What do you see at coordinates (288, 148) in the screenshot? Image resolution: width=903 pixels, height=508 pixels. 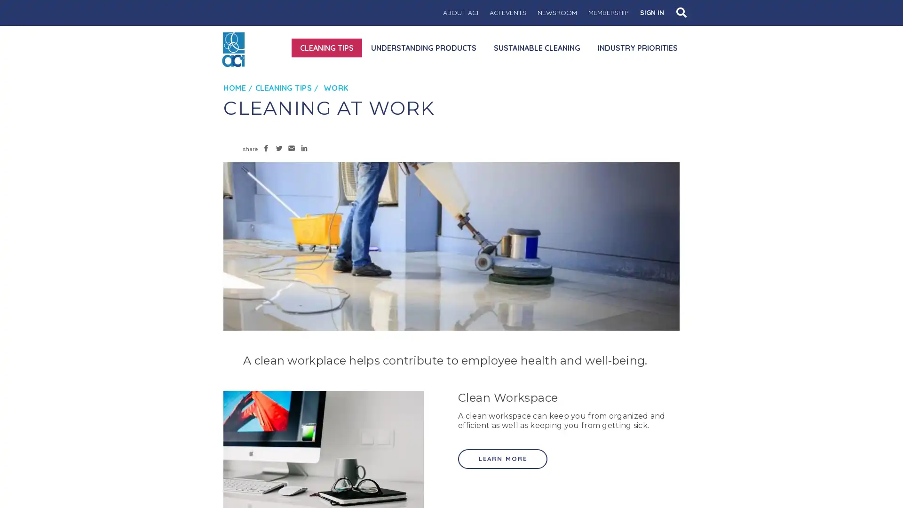 I see `Share to Email` at bounding box center [288, 148].